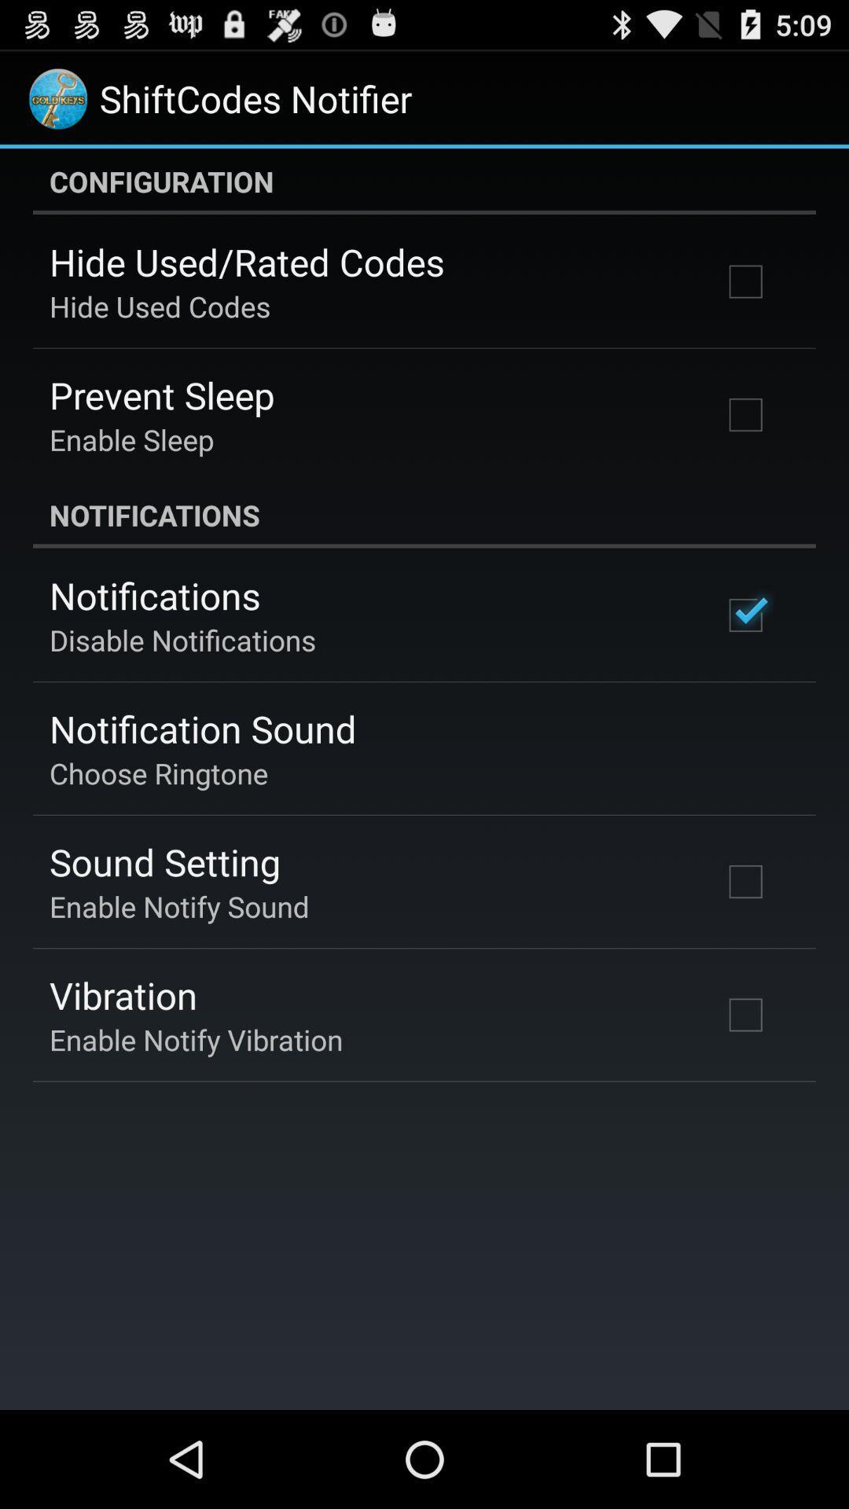 Image resolution: width=849 pixels, height=1509 pixels. I want to click on the app below the hide used codes item, so click(162, 395).